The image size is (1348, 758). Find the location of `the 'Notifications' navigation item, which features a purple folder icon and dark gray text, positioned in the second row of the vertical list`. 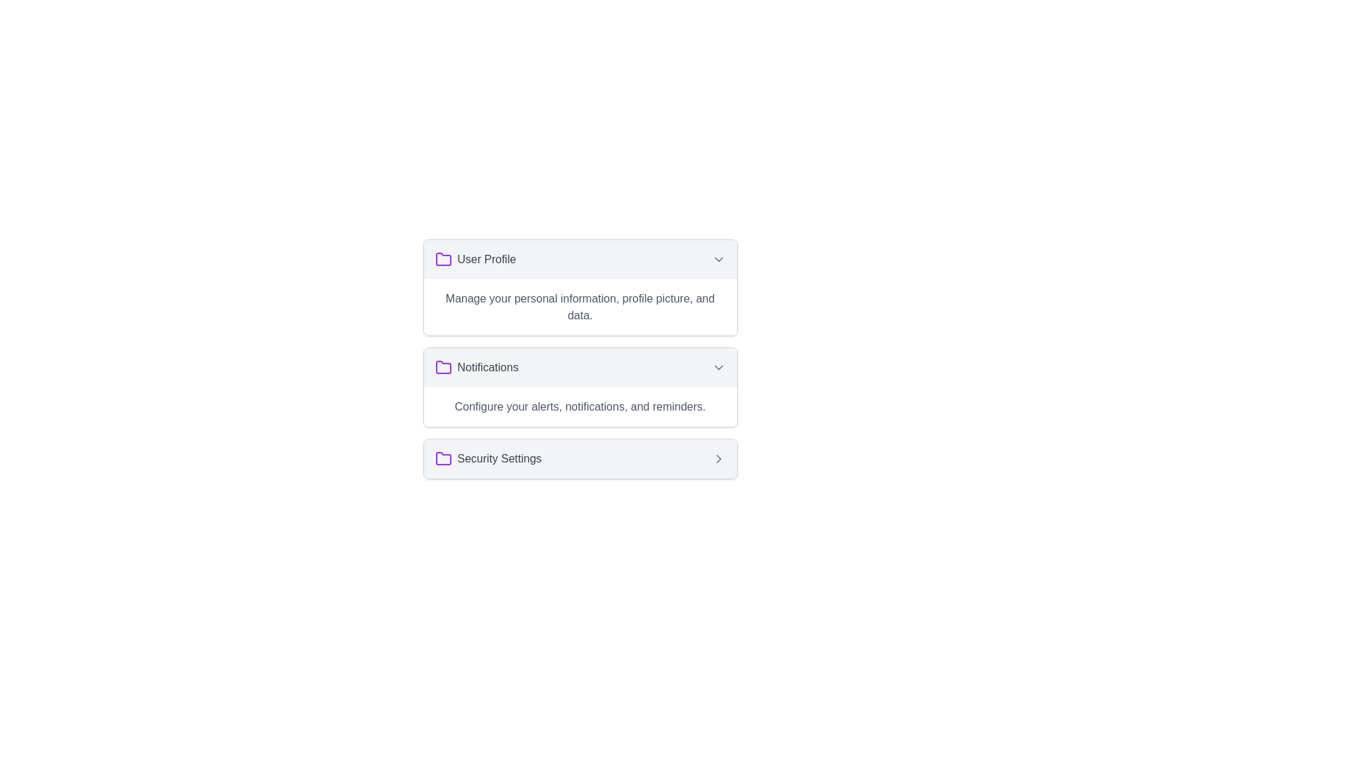

the 'Notifications' navigation item, which features a purple folder icon and dark gray text, positioned in the second row of the vertical list is located at coordinates (477, 367).